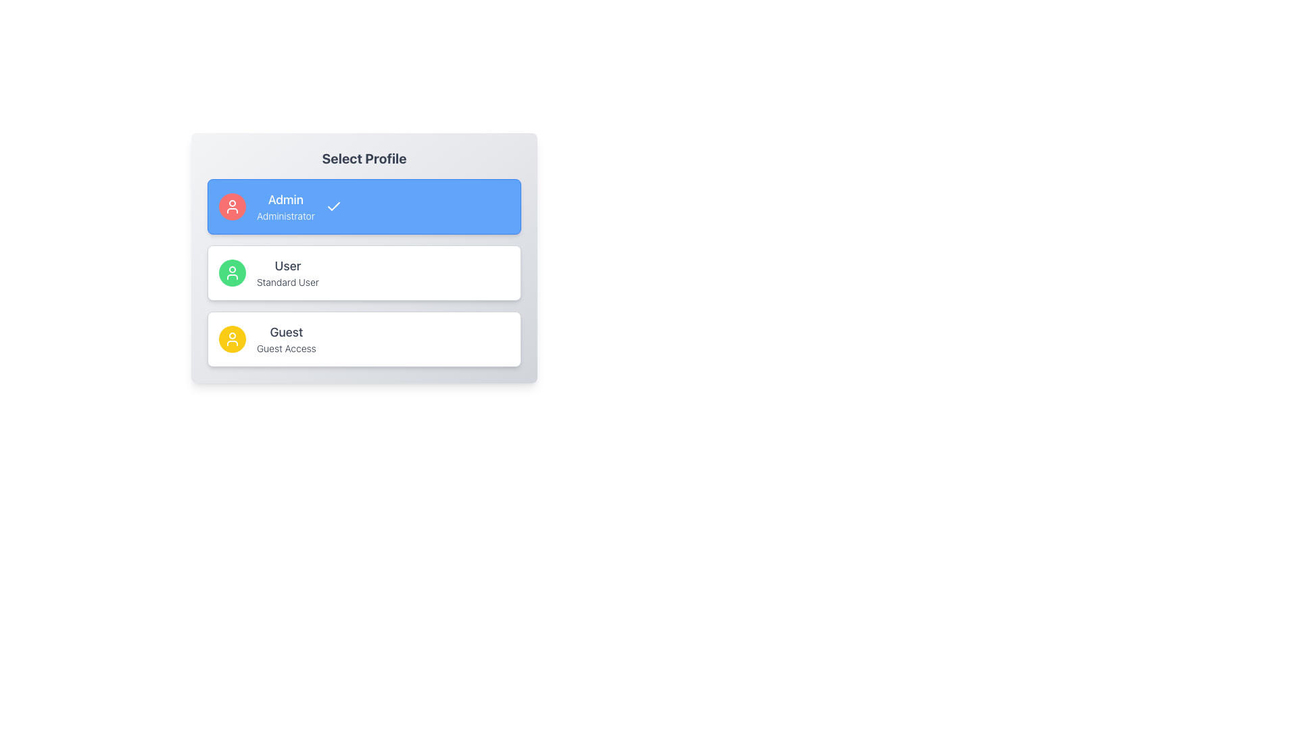  I want to click on the descriptive text label that provides additional context about the profile labeled as 'User', which is positioned centrally within the second profile card and adjacent to a green user icon, so click(287, 281).